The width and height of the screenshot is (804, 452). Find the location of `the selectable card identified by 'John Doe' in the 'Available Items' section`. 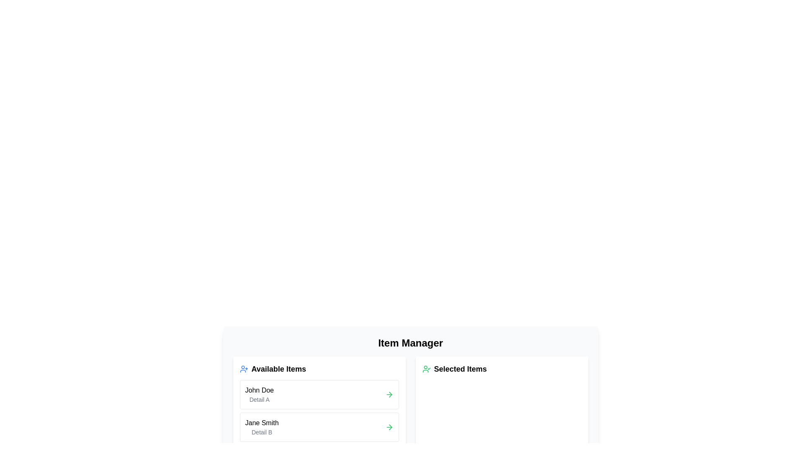

the selectable card identified by 'John Doe' in the 'Available Items' section is located at coordinates (319, 394).